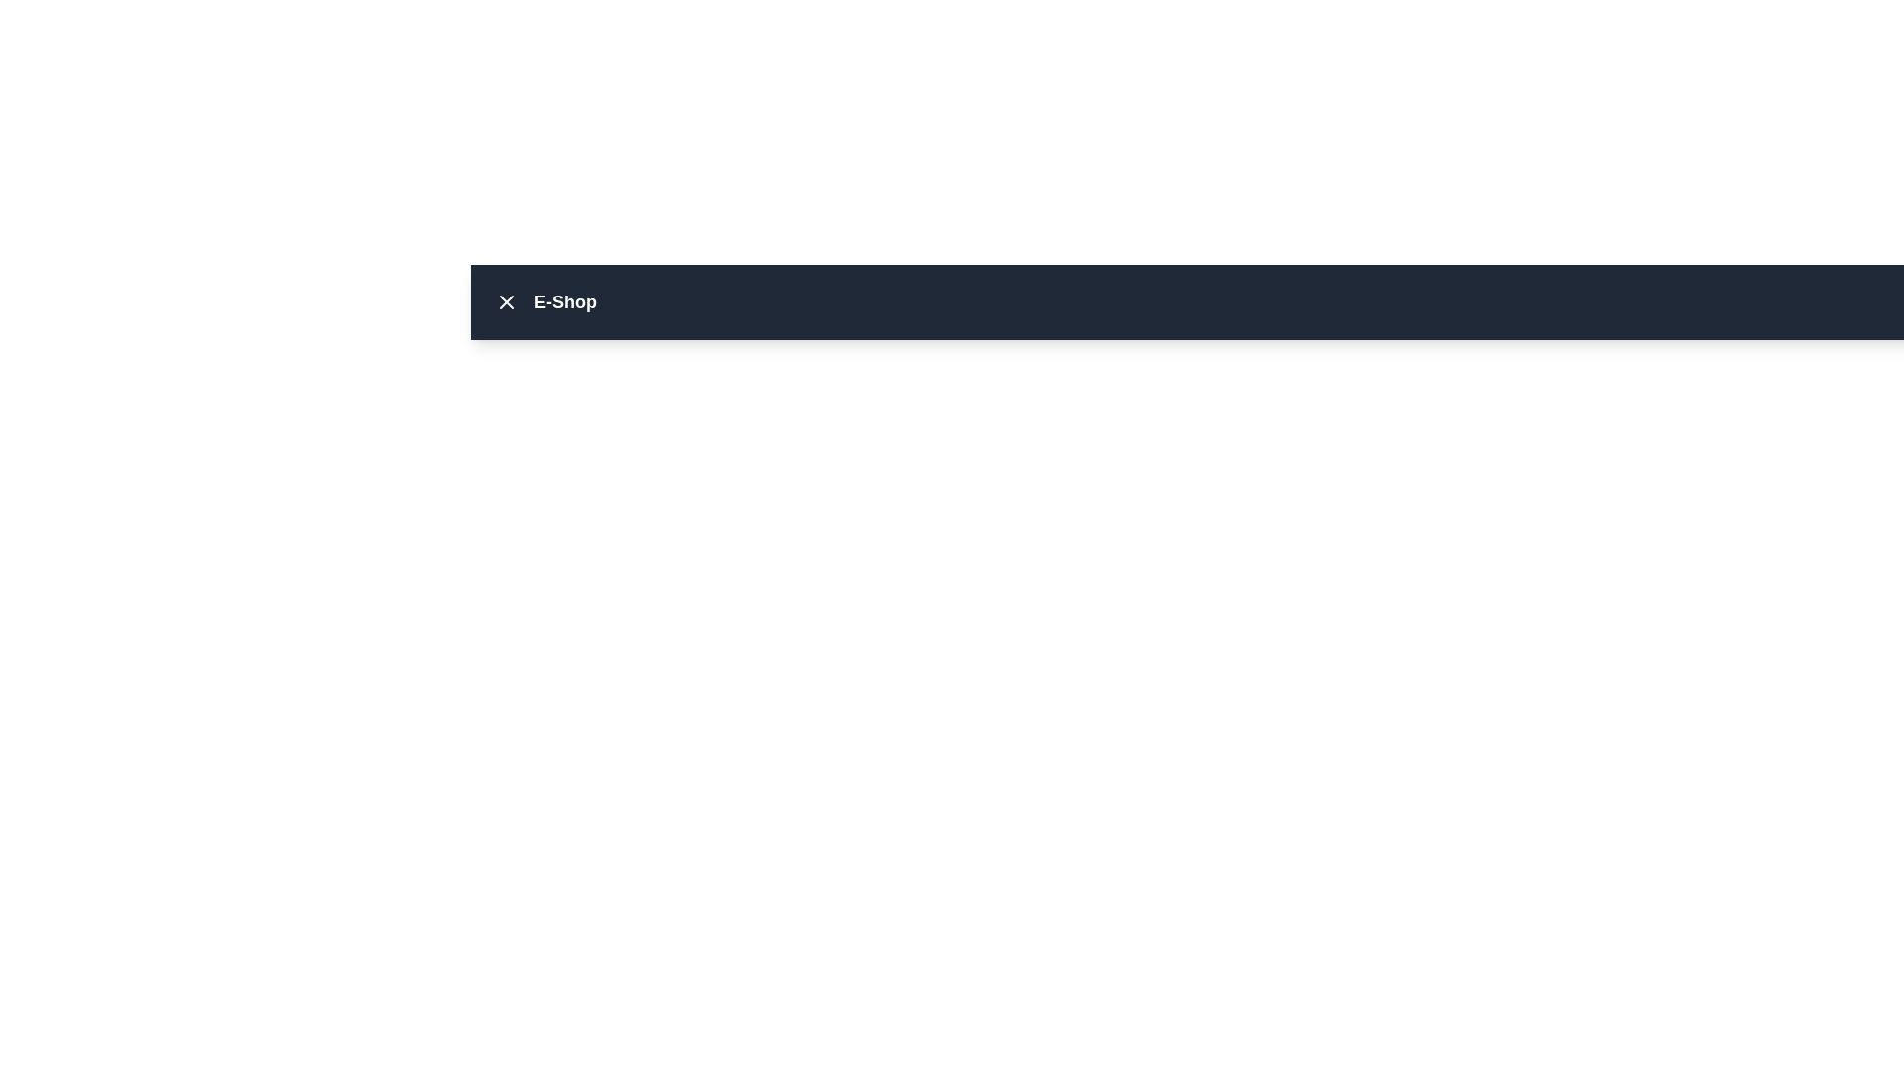 This screenshot has width=1904, height=1071. What do you see at coordinates (541, 301) in the screenshot?
I see `the static text label 'E-Shop' which is a bold white text on a dark background located in the top-left section of the interface` at bounding box center [541, 301].